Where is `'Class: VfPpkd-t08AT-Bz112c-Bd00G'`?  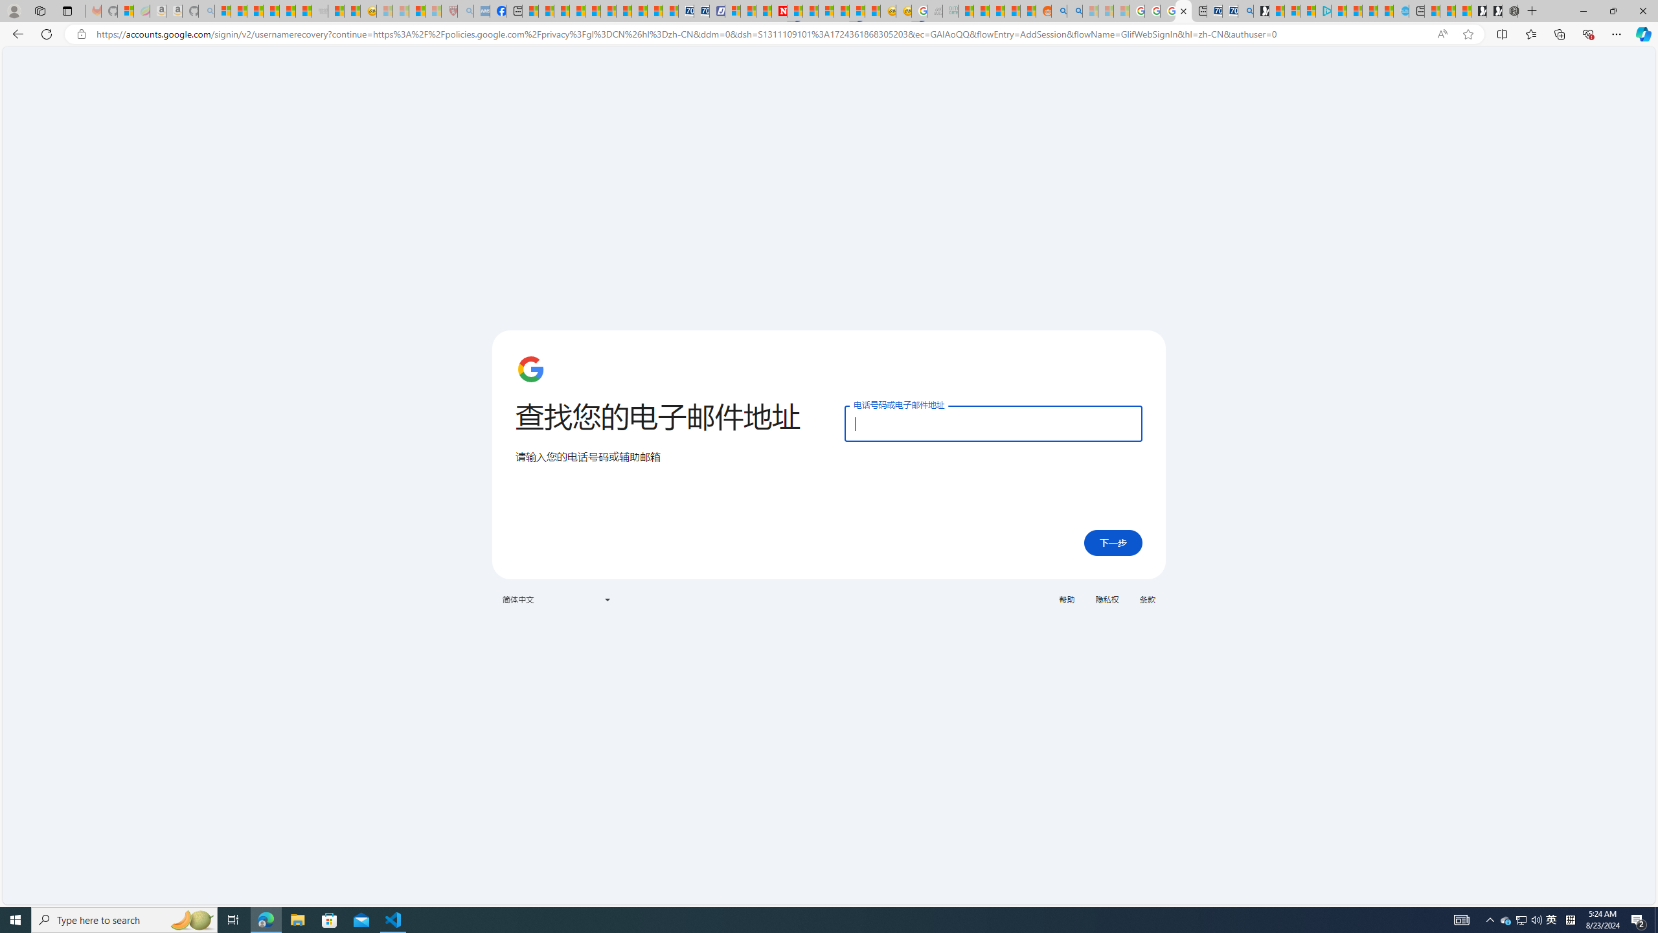 'Class: VfPpkd-t08AT-Bz112c-Bd00G' is located at coordinates (606, 599).